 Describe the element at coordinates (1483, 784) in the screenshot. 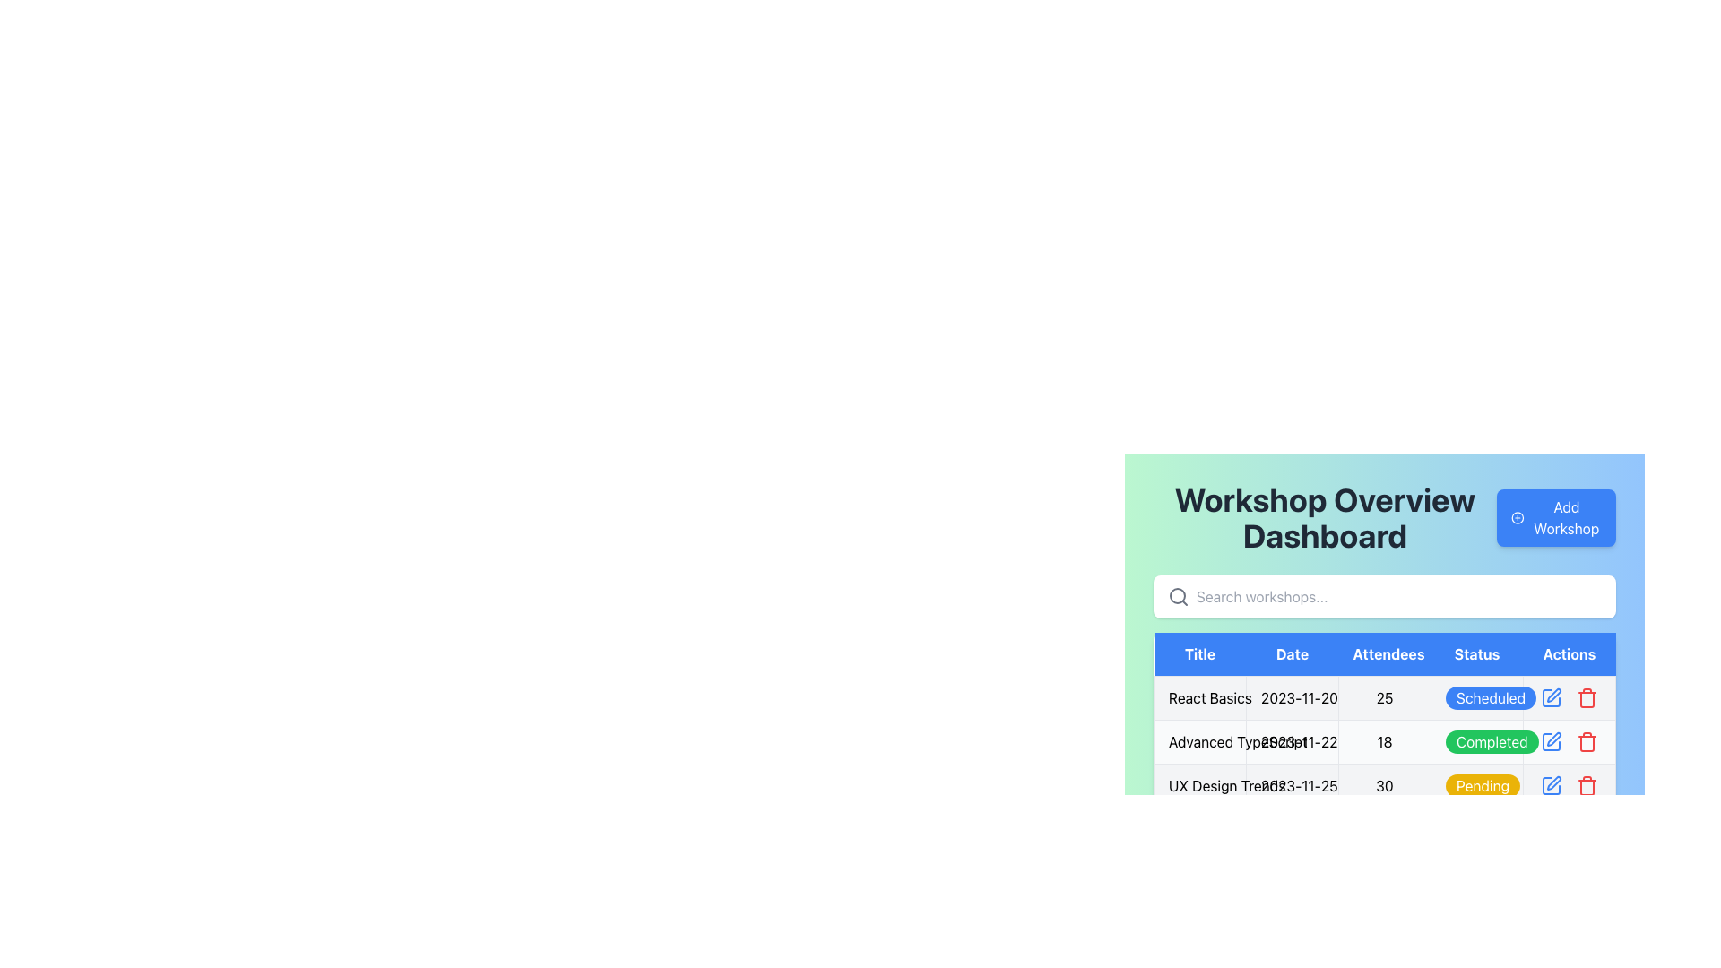

I see `the 'Pending' status label located in the 'Status' column of the last row in the workshop overview dashboard, associated with the 'UX Design Trends' workshop` at that location.